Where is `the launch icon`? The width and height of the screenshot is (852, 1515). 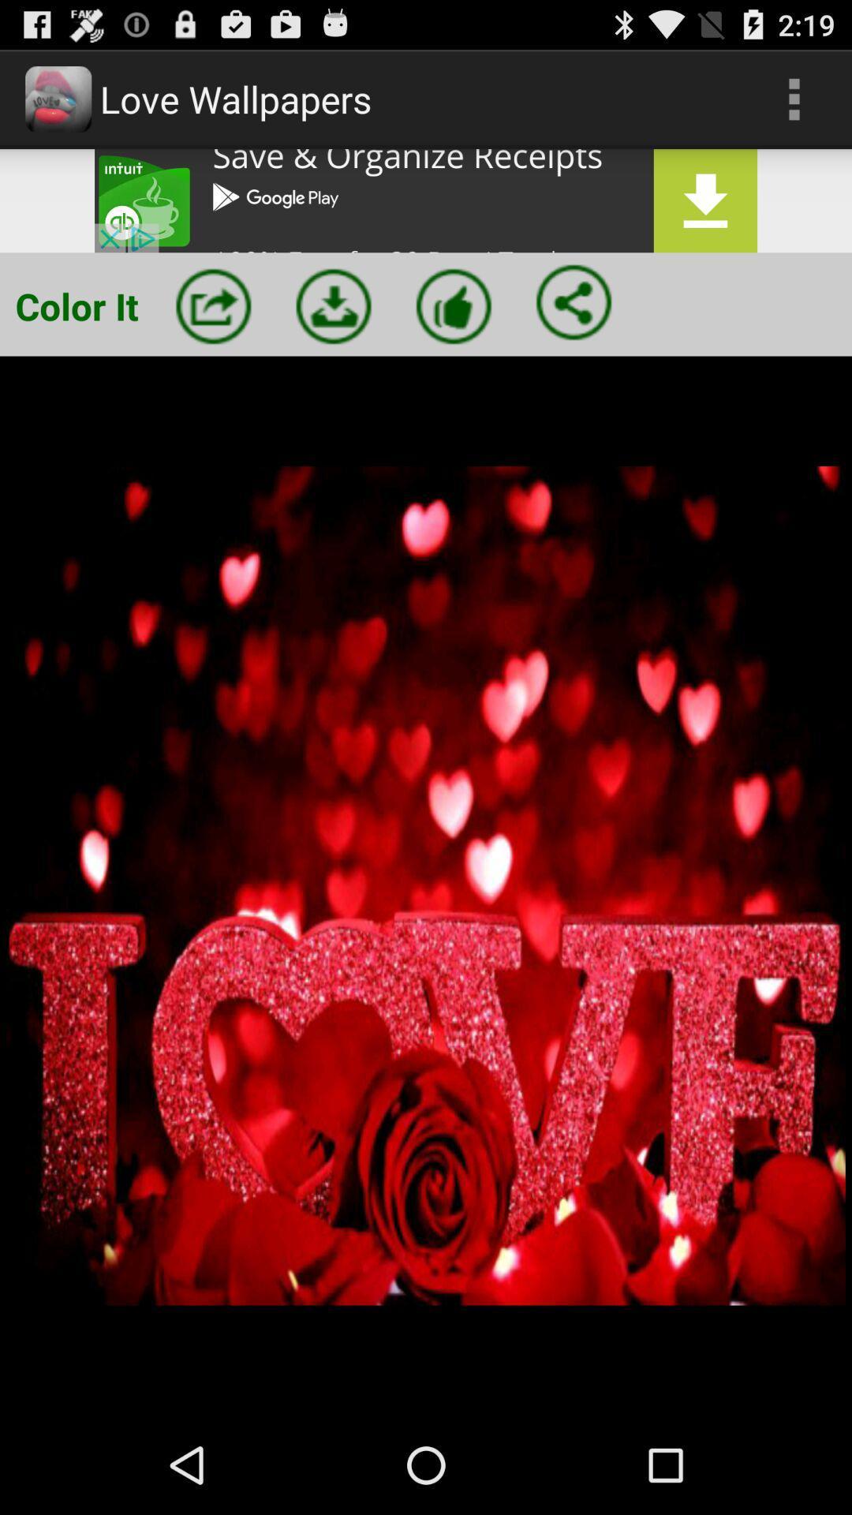
the launch icon is located at coordinates (213, 327).